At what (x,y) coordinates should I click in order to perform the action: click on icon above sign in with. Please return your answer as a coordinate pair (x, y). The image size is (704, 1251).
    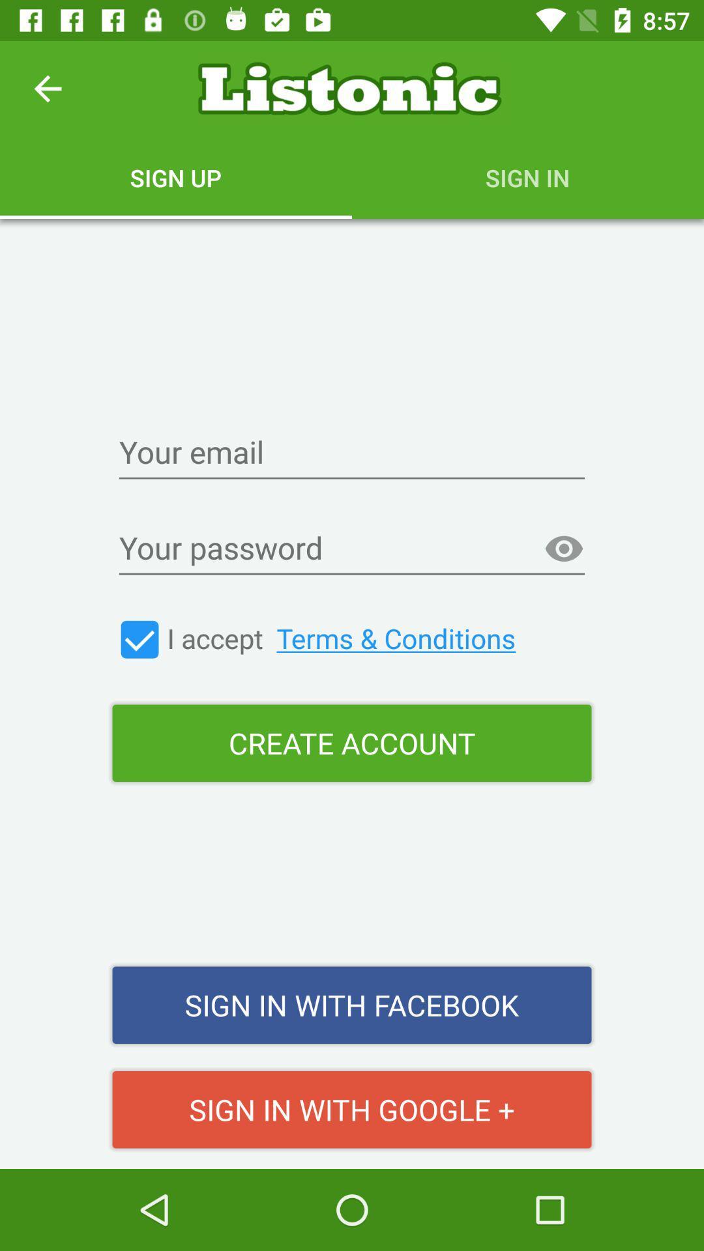
    Looking at the image, I should click on (352, 743).